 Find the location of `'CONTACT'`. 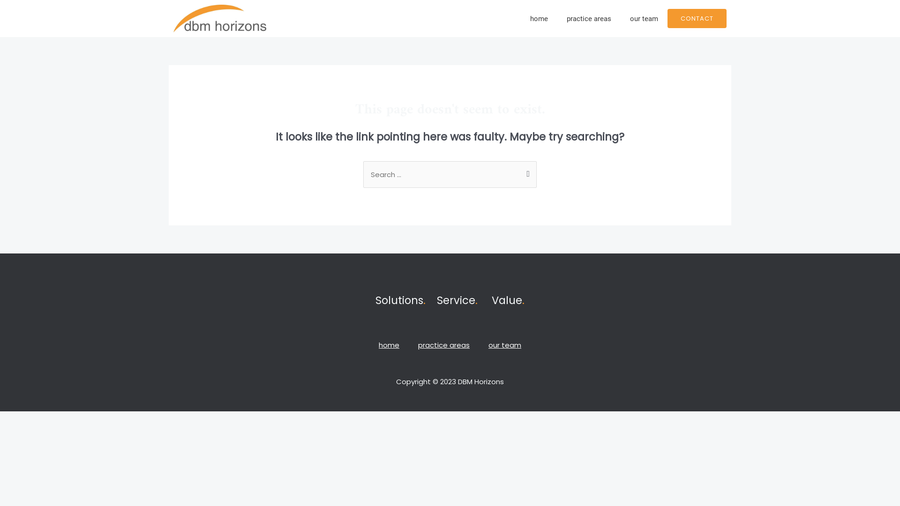

'CONTACT' is located at coordinates (697, 18).